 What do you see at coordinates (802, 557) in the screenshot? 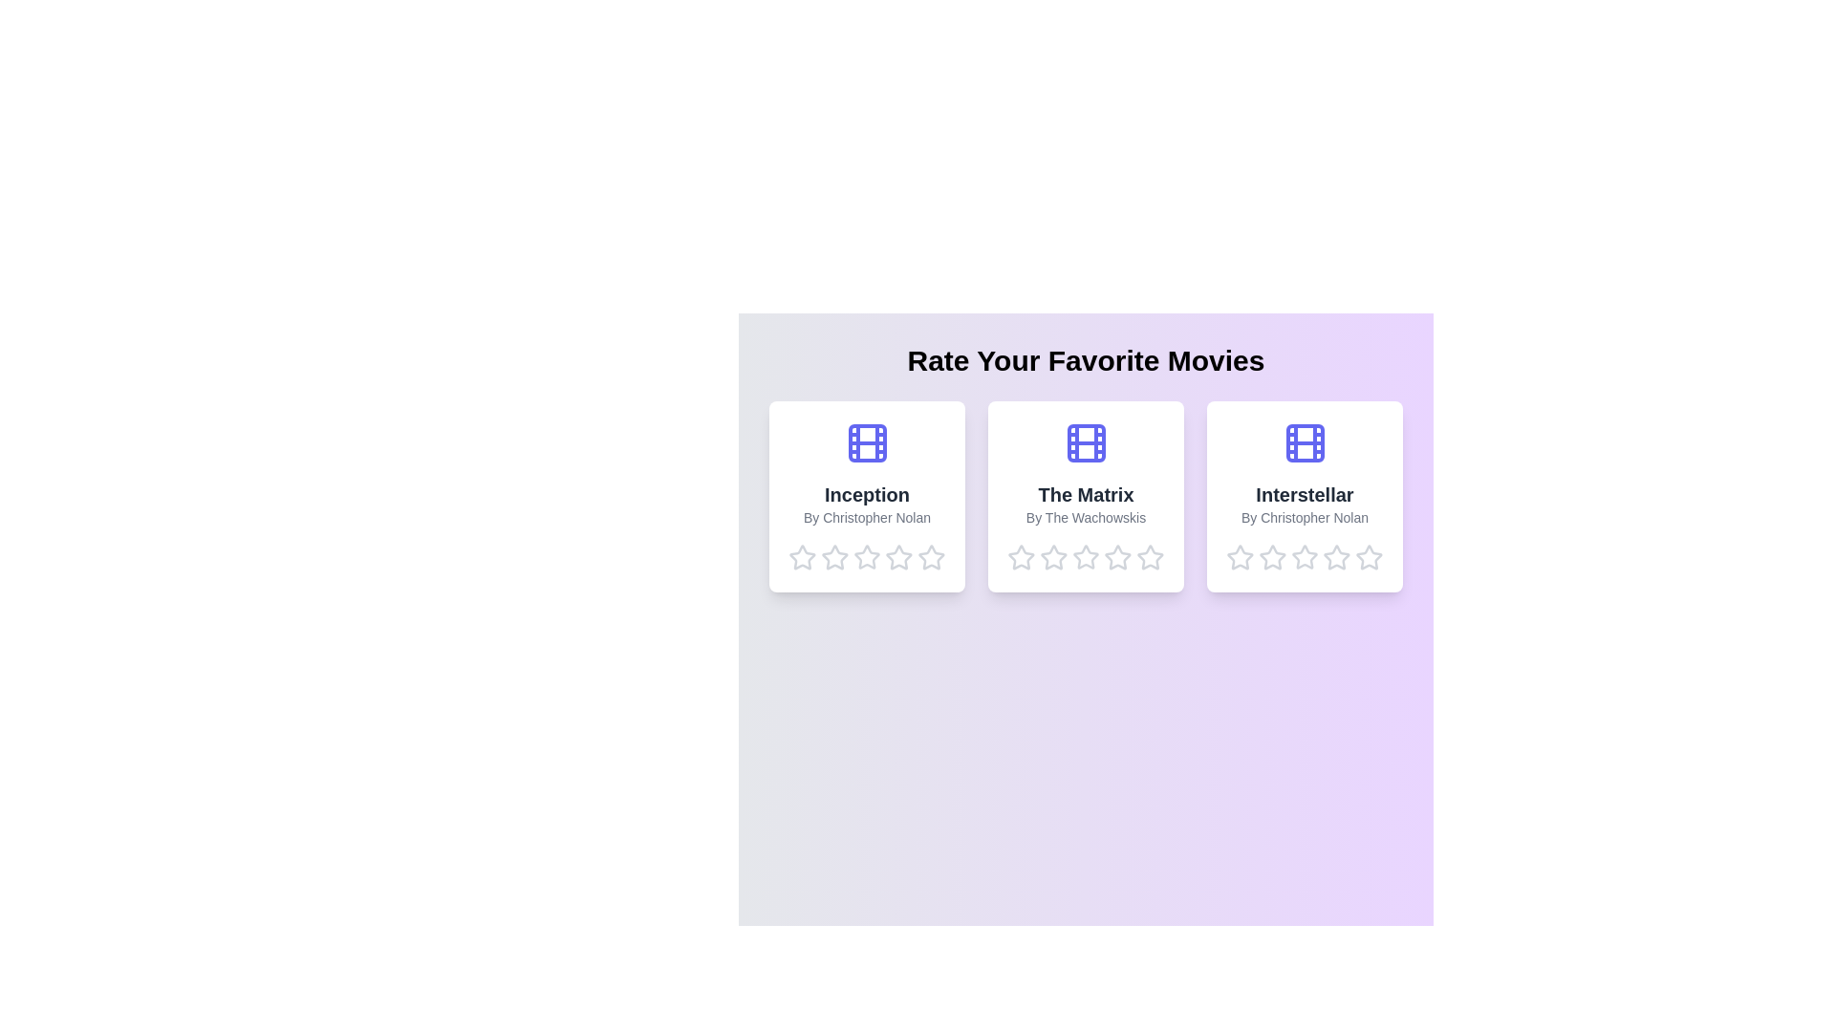
I see `the star corresponding to 1 stars for the movie Inception` at bounding box center [802, 557].